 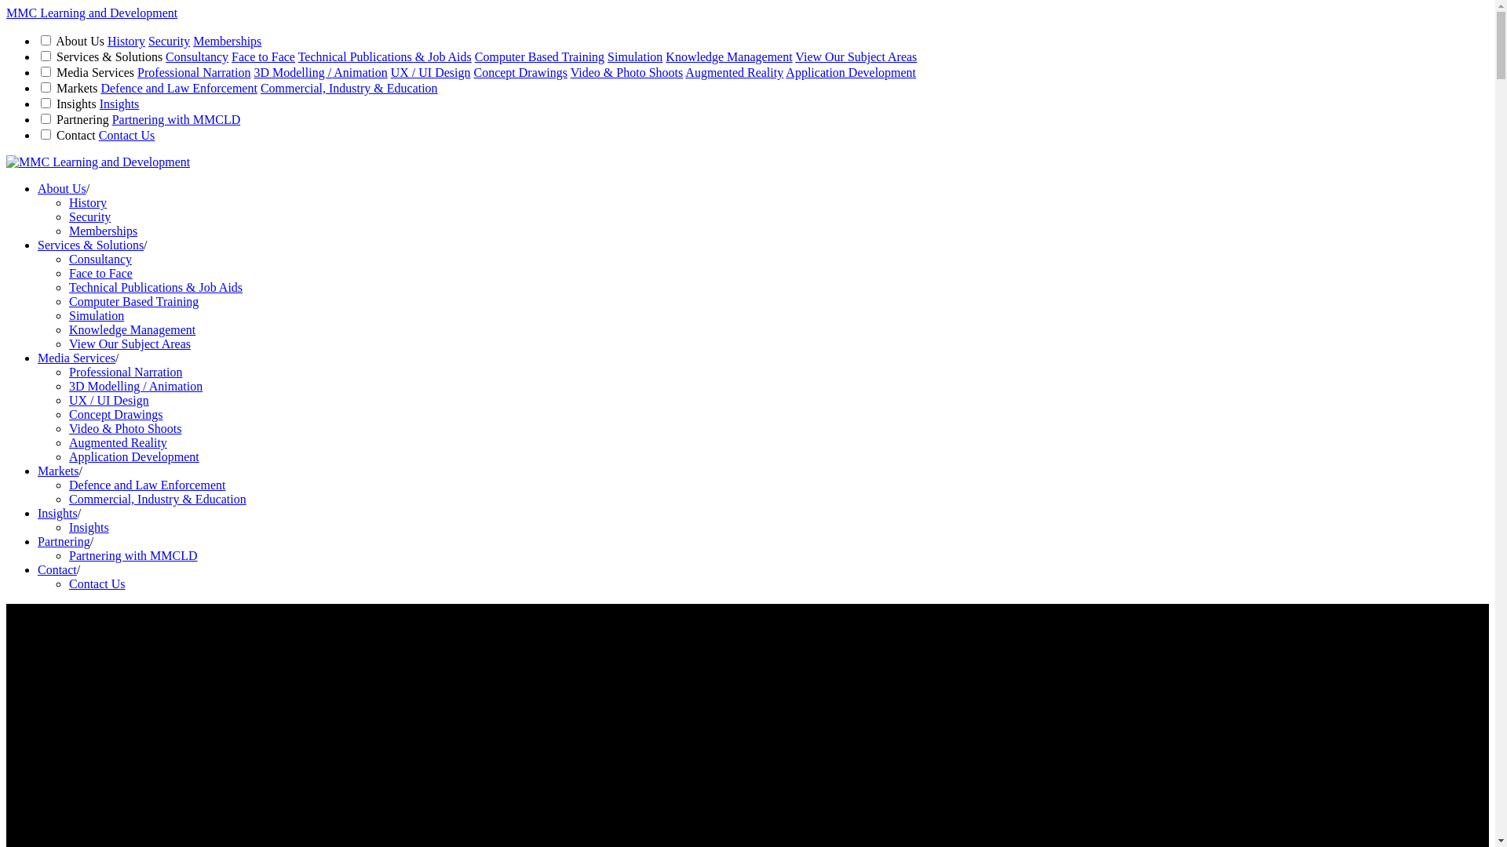 What do you see at coordinates (130, 343) in the screenshot?
I see `'View Our Subject Areas'` at bounding box center [130, 343].